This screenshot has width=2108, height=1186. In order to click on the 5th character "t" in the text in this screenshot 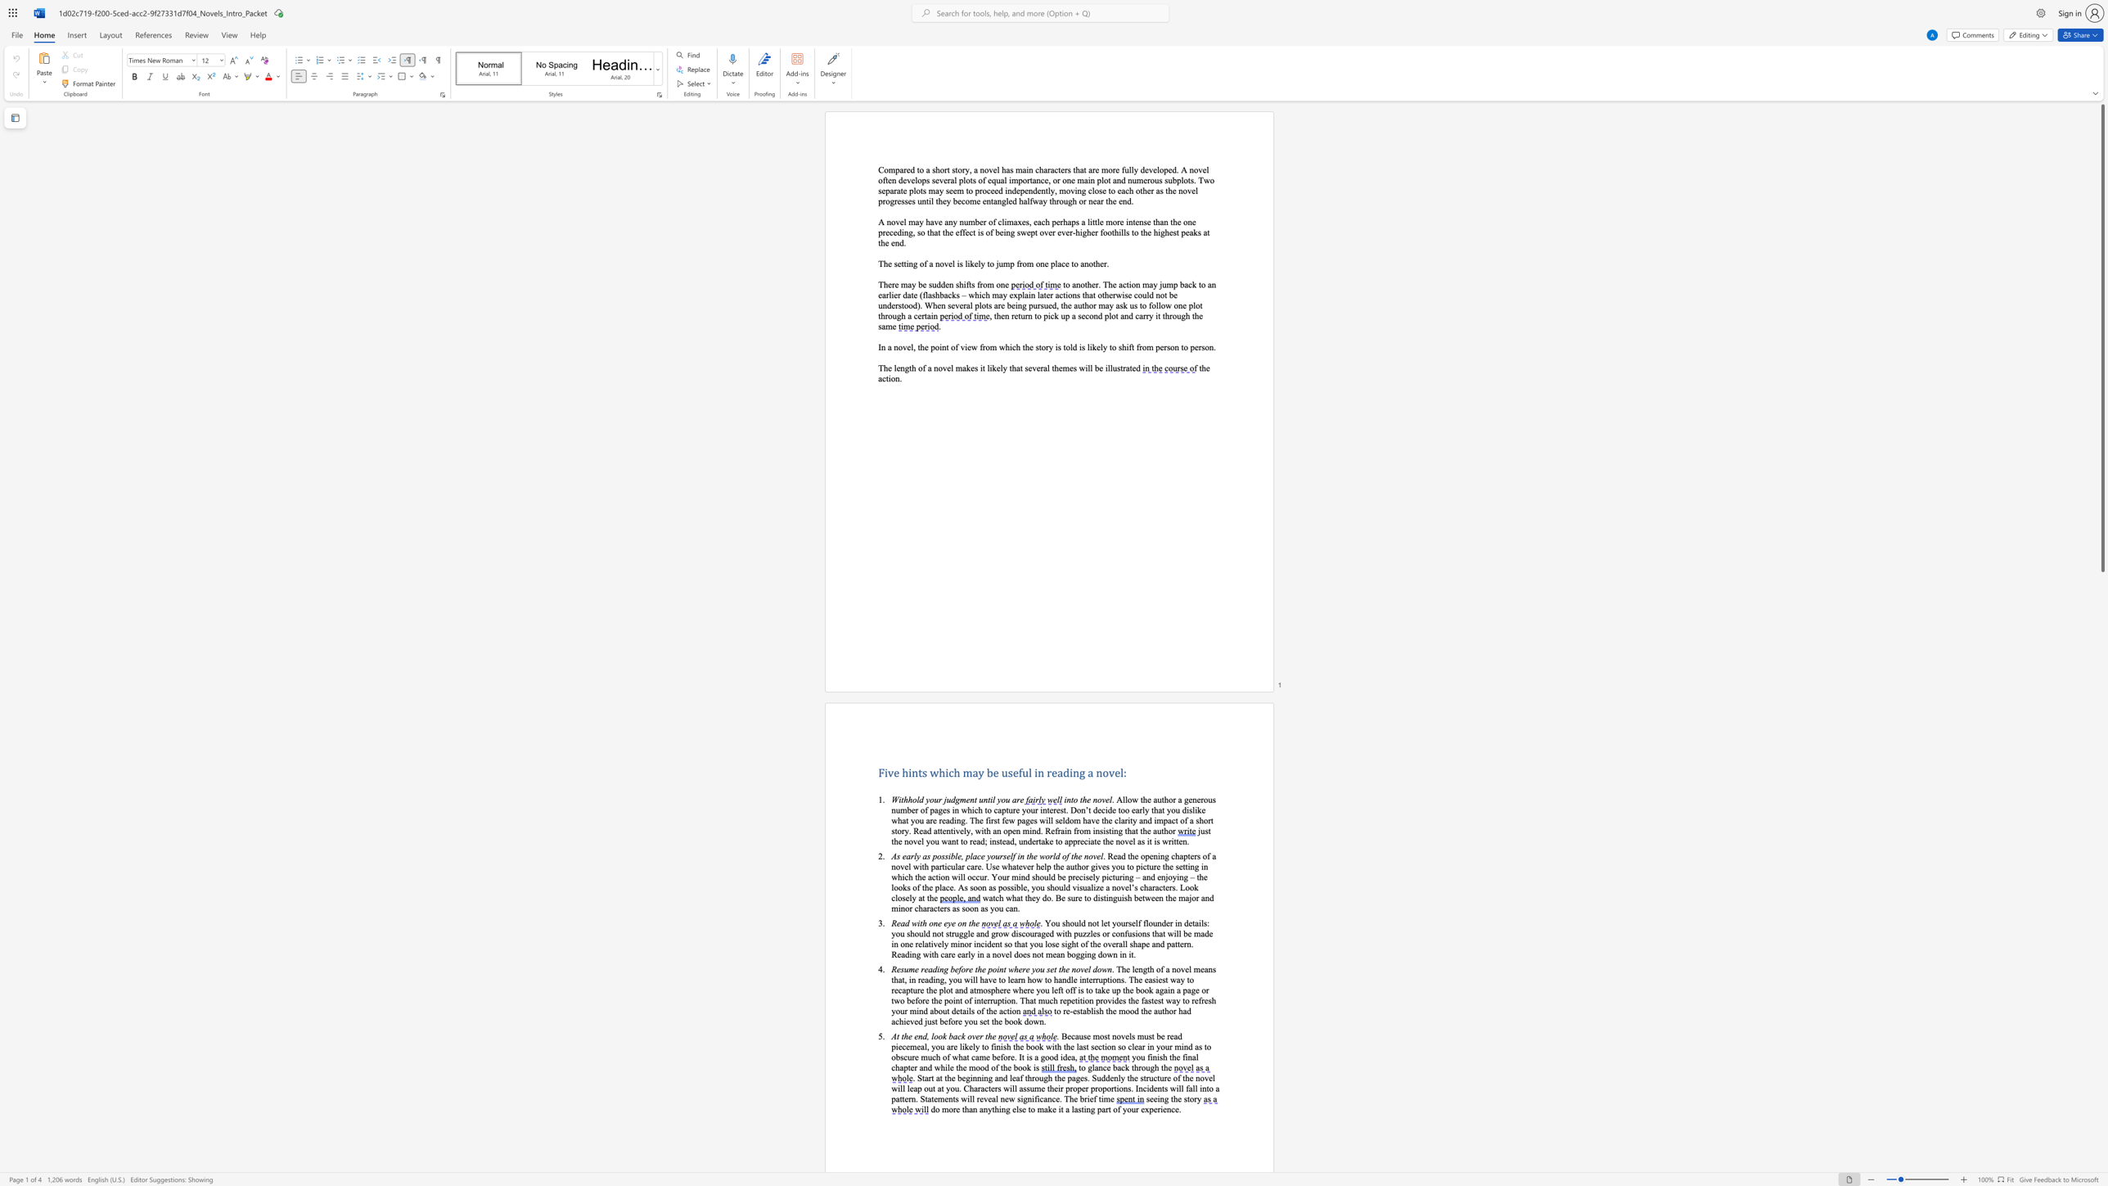, I will do `click(1093, 263)`.